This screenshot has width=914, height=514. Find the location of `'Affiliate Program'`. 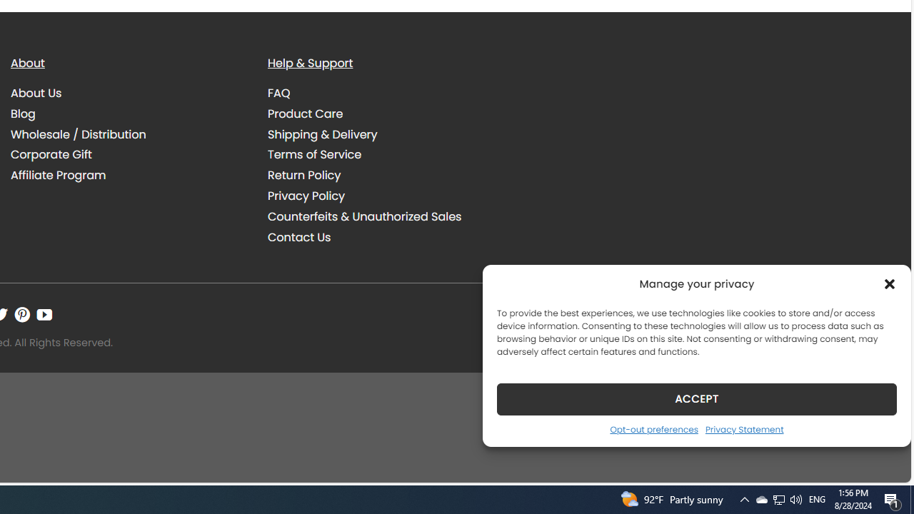

'Affiliate Program' is located at coordinates (129, 175).